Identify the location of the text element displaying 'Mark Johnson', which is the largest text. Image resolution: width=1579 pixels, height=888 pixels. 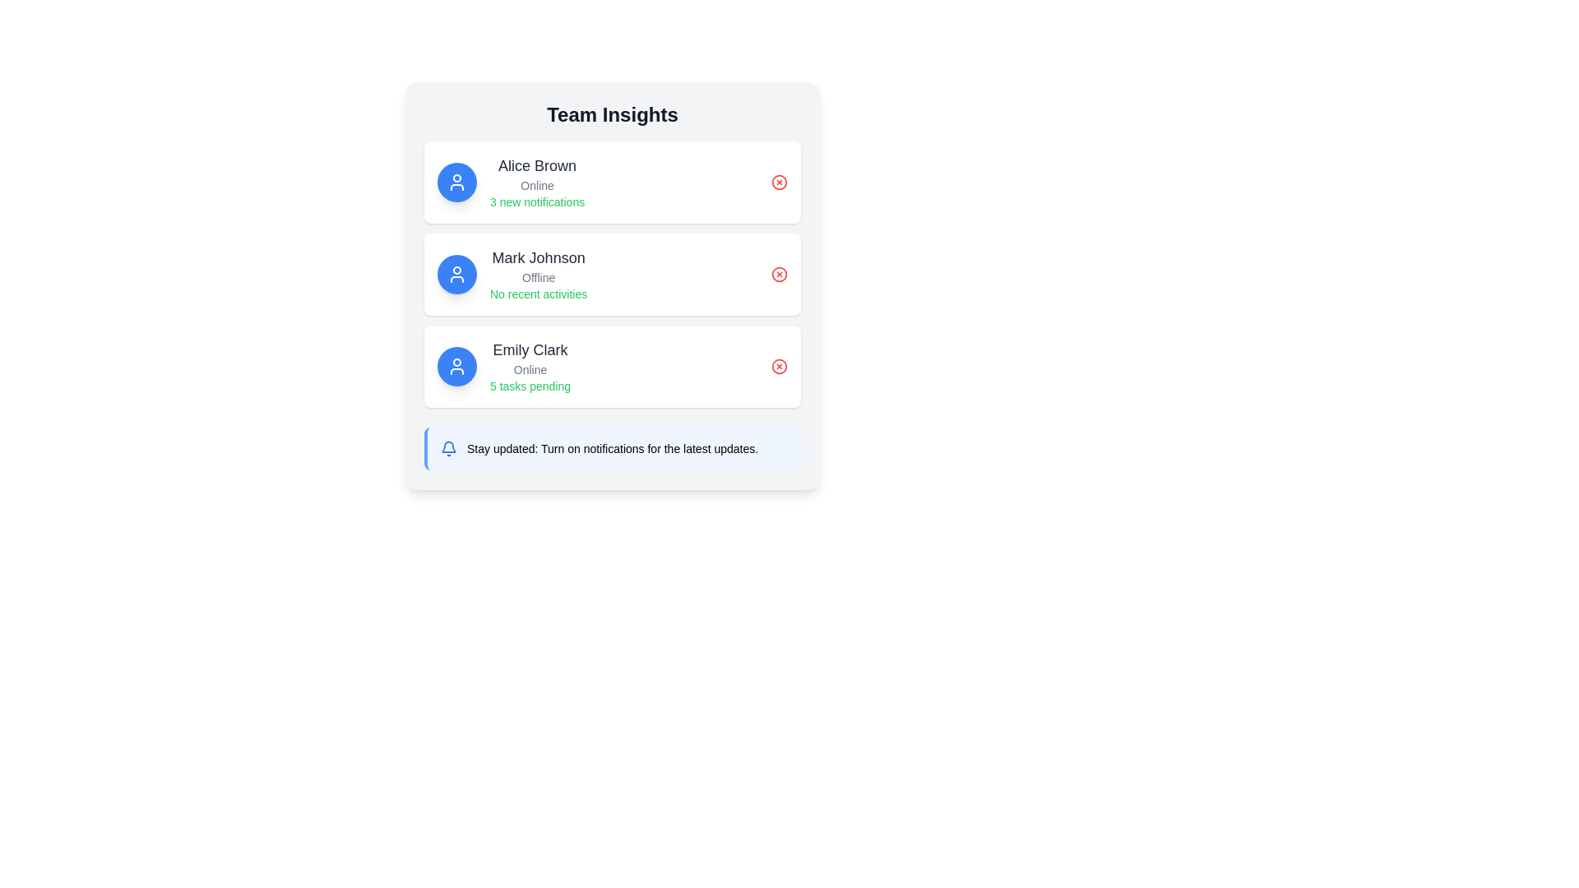
(538, 257).